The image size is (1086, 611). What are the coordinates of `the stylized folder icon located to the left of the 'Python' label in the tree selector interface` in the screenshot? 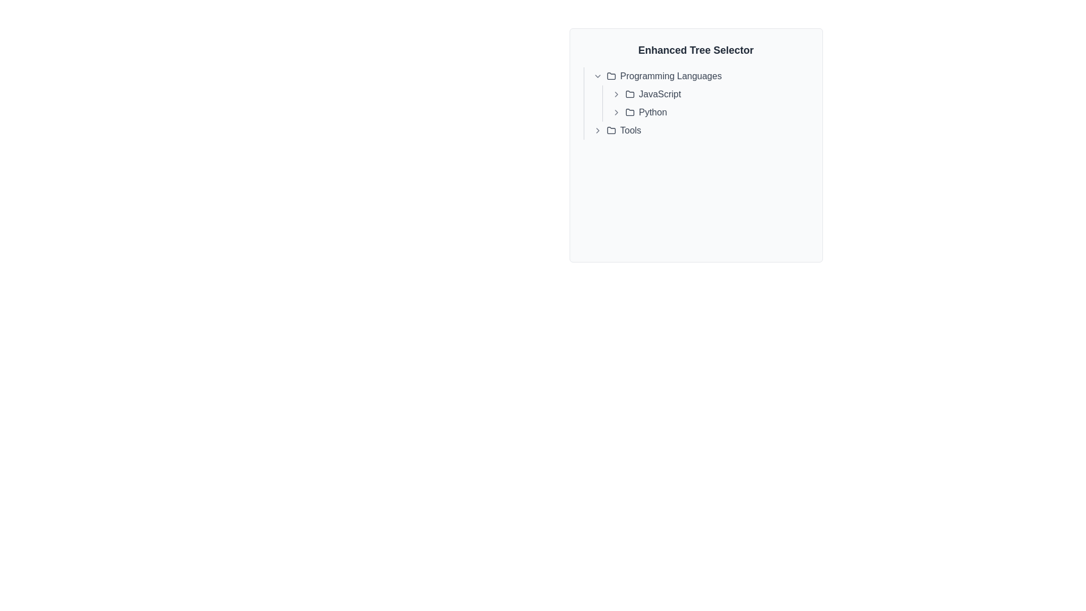 It's located at (629, 113).